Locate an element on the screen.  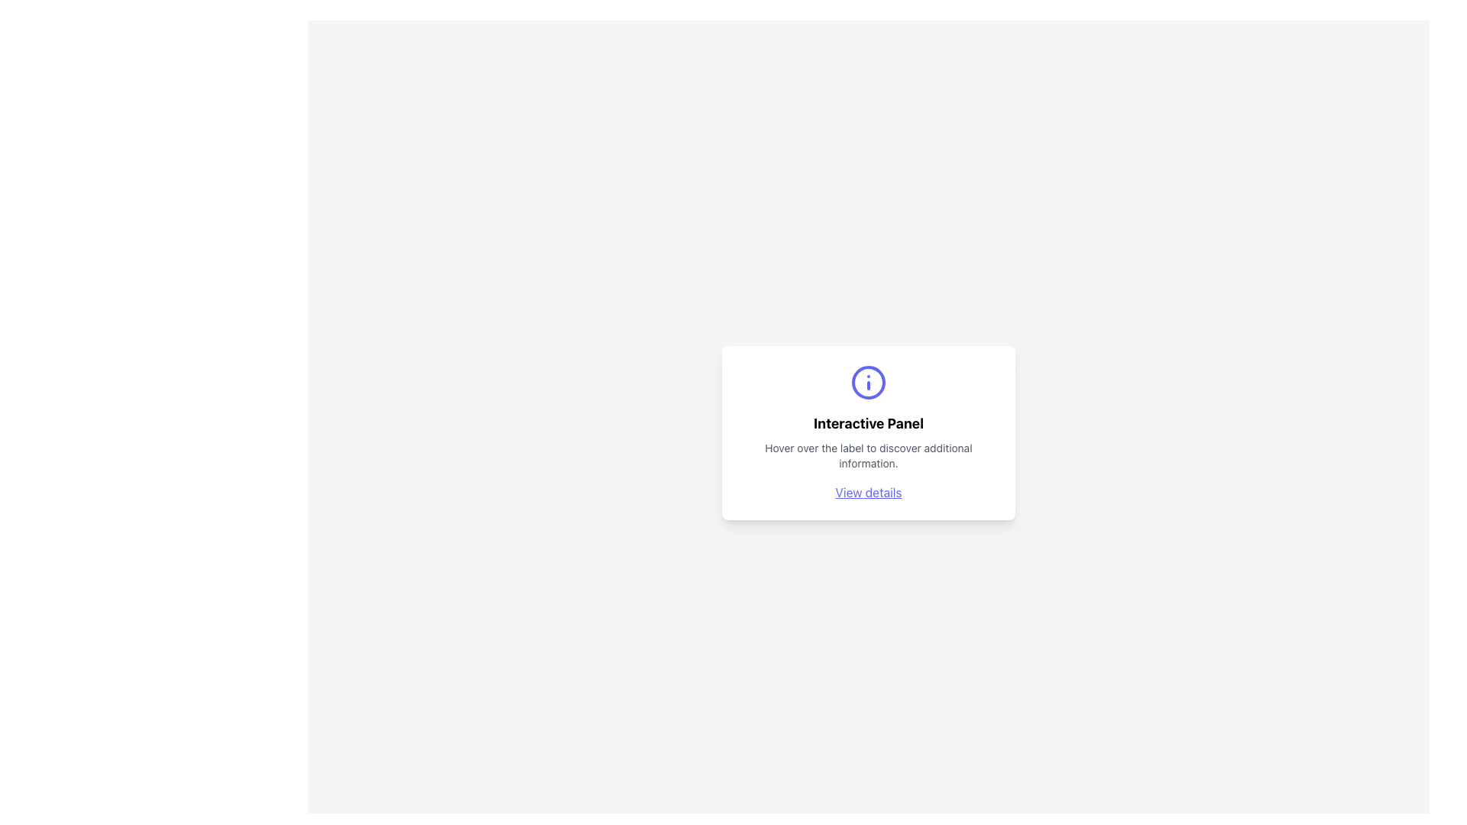
the static text that provides instructions about revealing additional information related to the 'View details' link, located below the 'Interactive Panel' title is located at coordinates (869, 455).